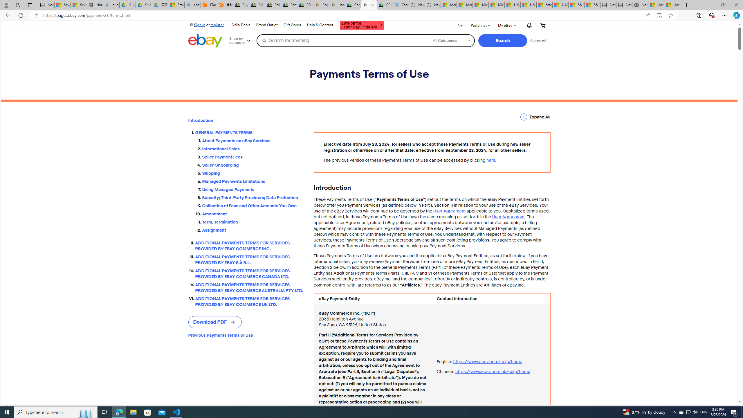 The width and height of the screenshot is (743, 418). I want to click on 'AutomationID: gh-ti', so click(361, 24).